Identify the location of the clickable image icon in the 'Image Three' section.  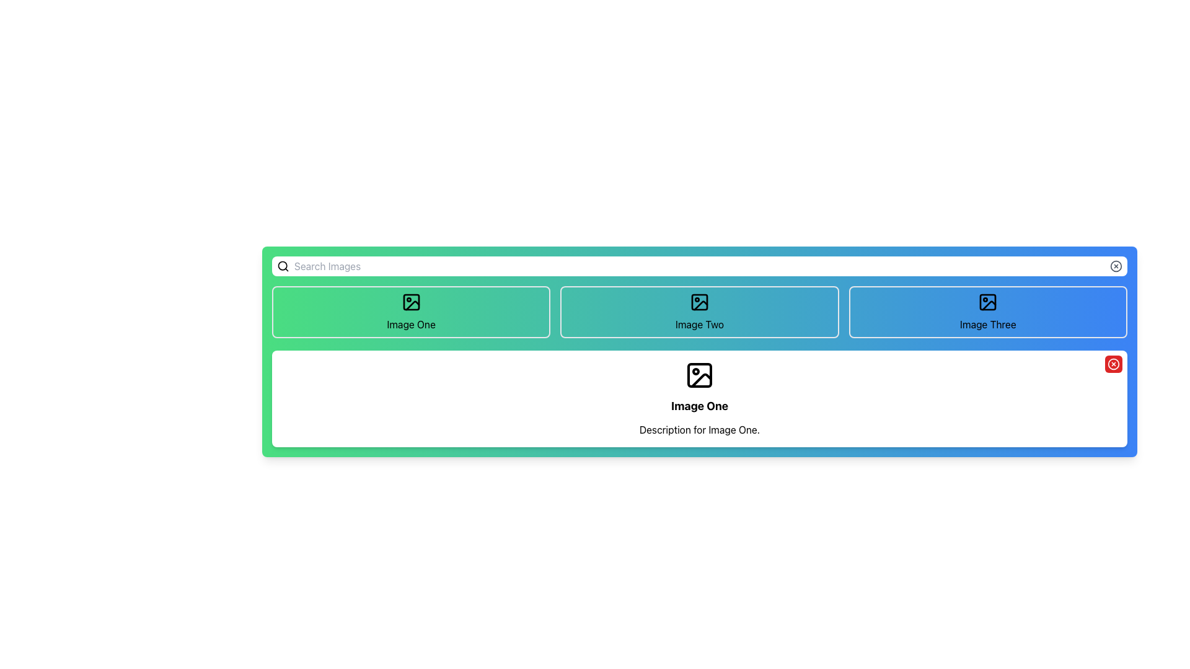
(987, 302).